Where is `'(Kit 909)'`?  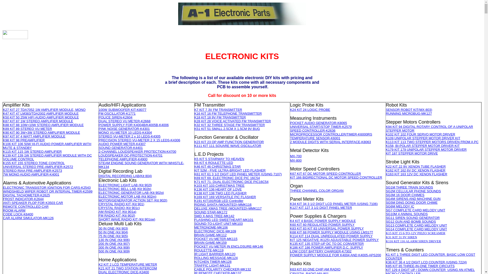 '(Kit 909)' is located at coordinates (123, 251).